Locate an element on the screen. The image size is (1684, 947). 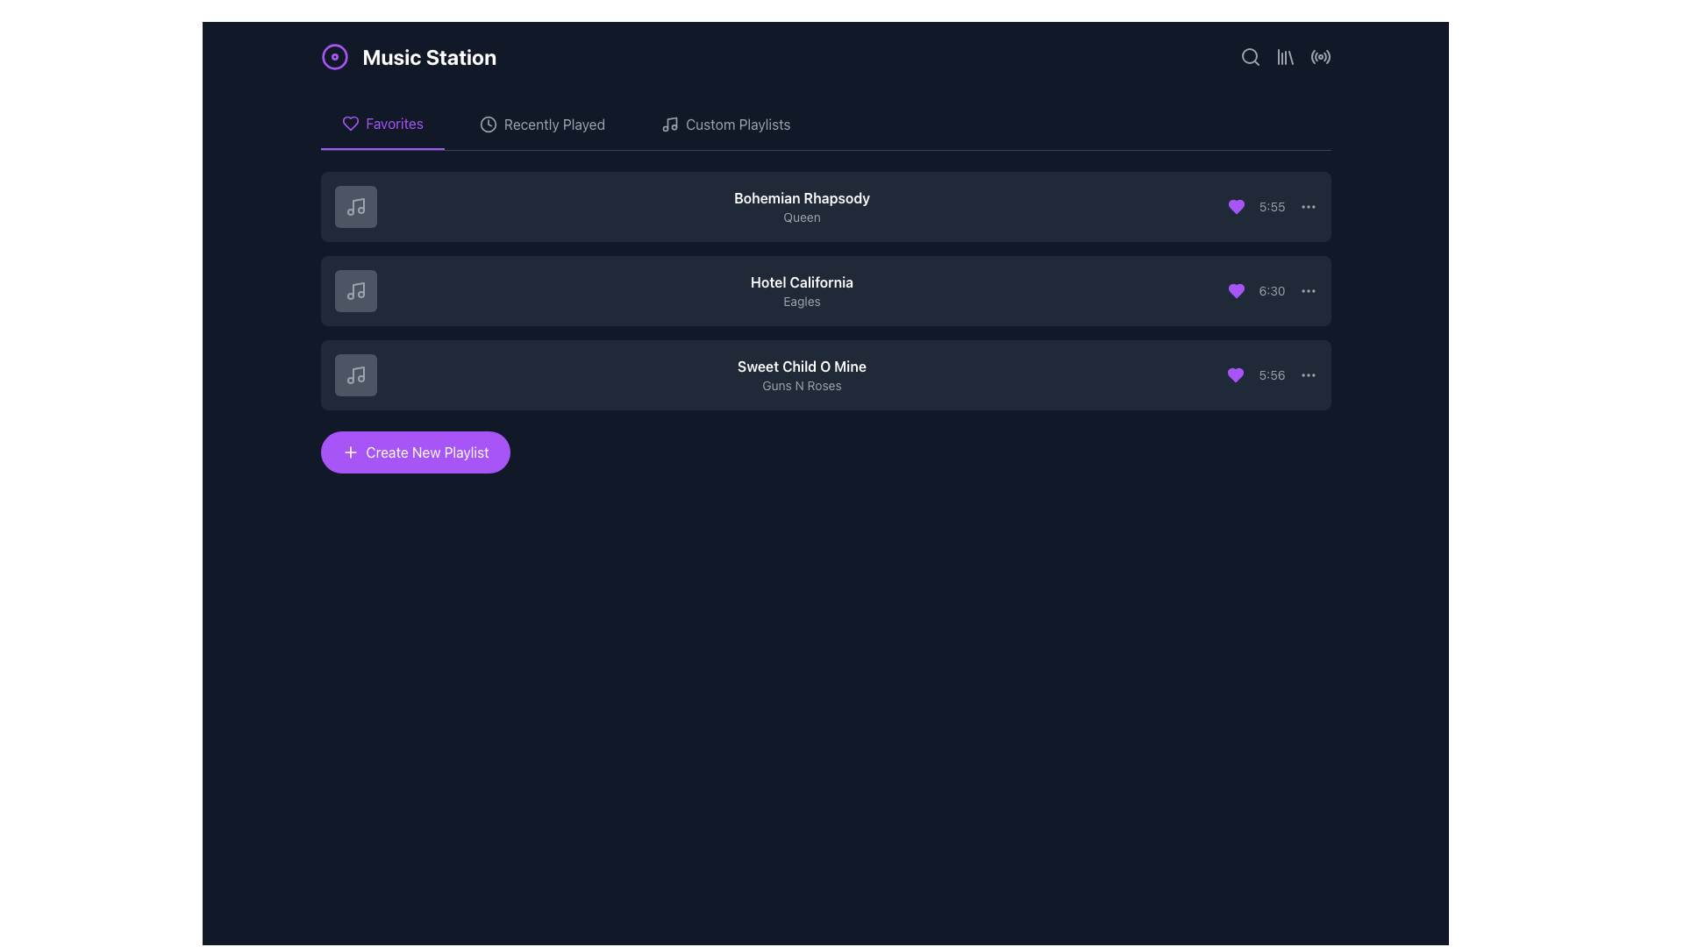
the first music list item titled 'Bohemian Rhapsody' by 'Queen' is located at coordinates (824, 205).